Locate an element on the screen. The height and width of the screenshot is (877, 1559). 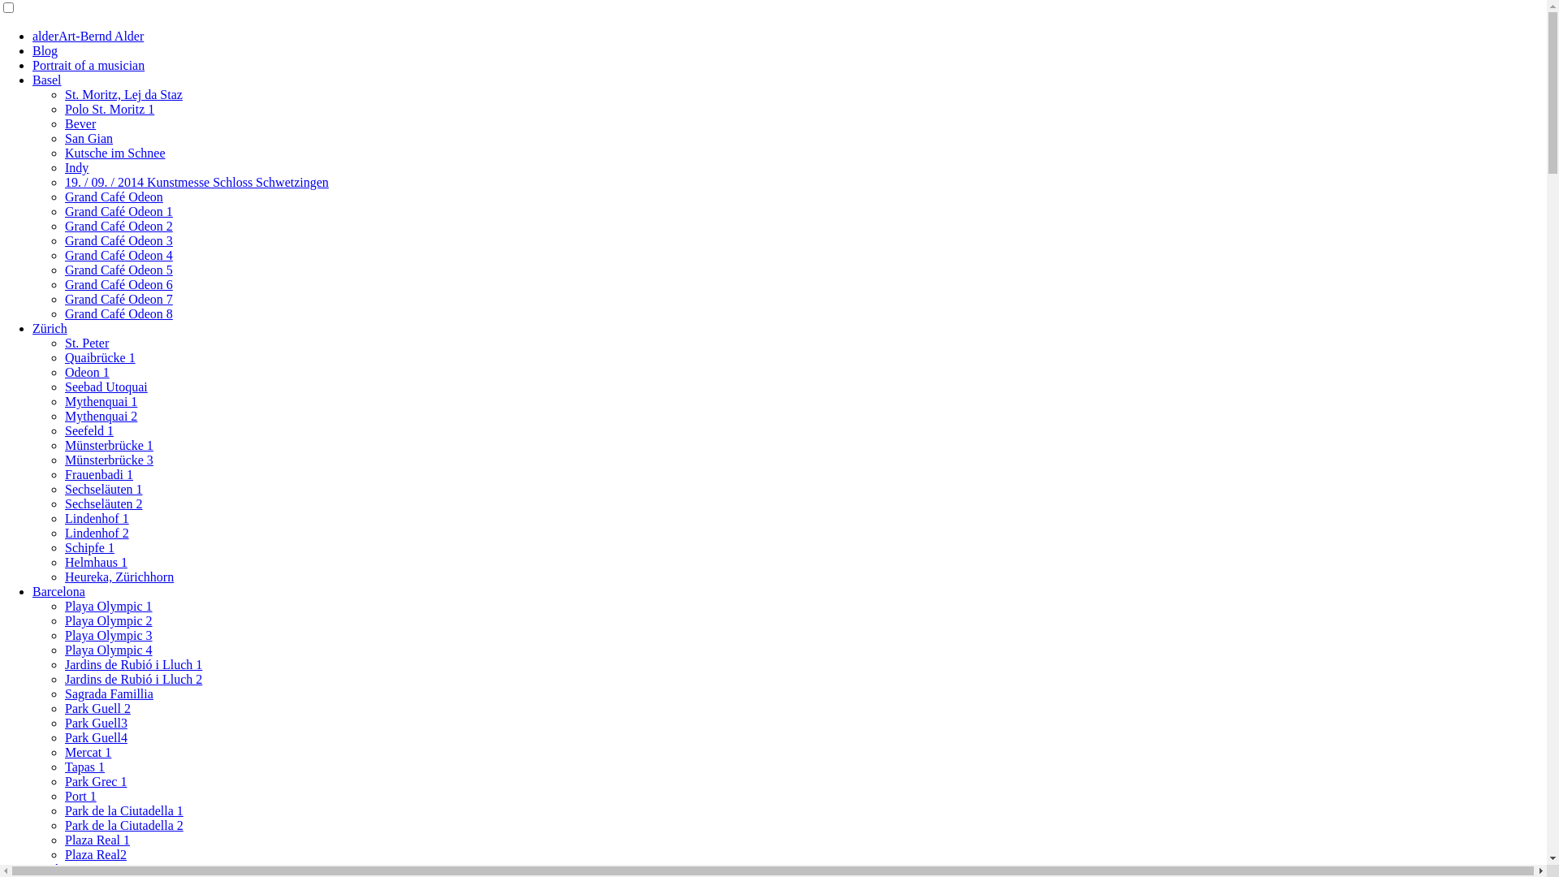
'Port 1' is located at coordinates (80, 795).